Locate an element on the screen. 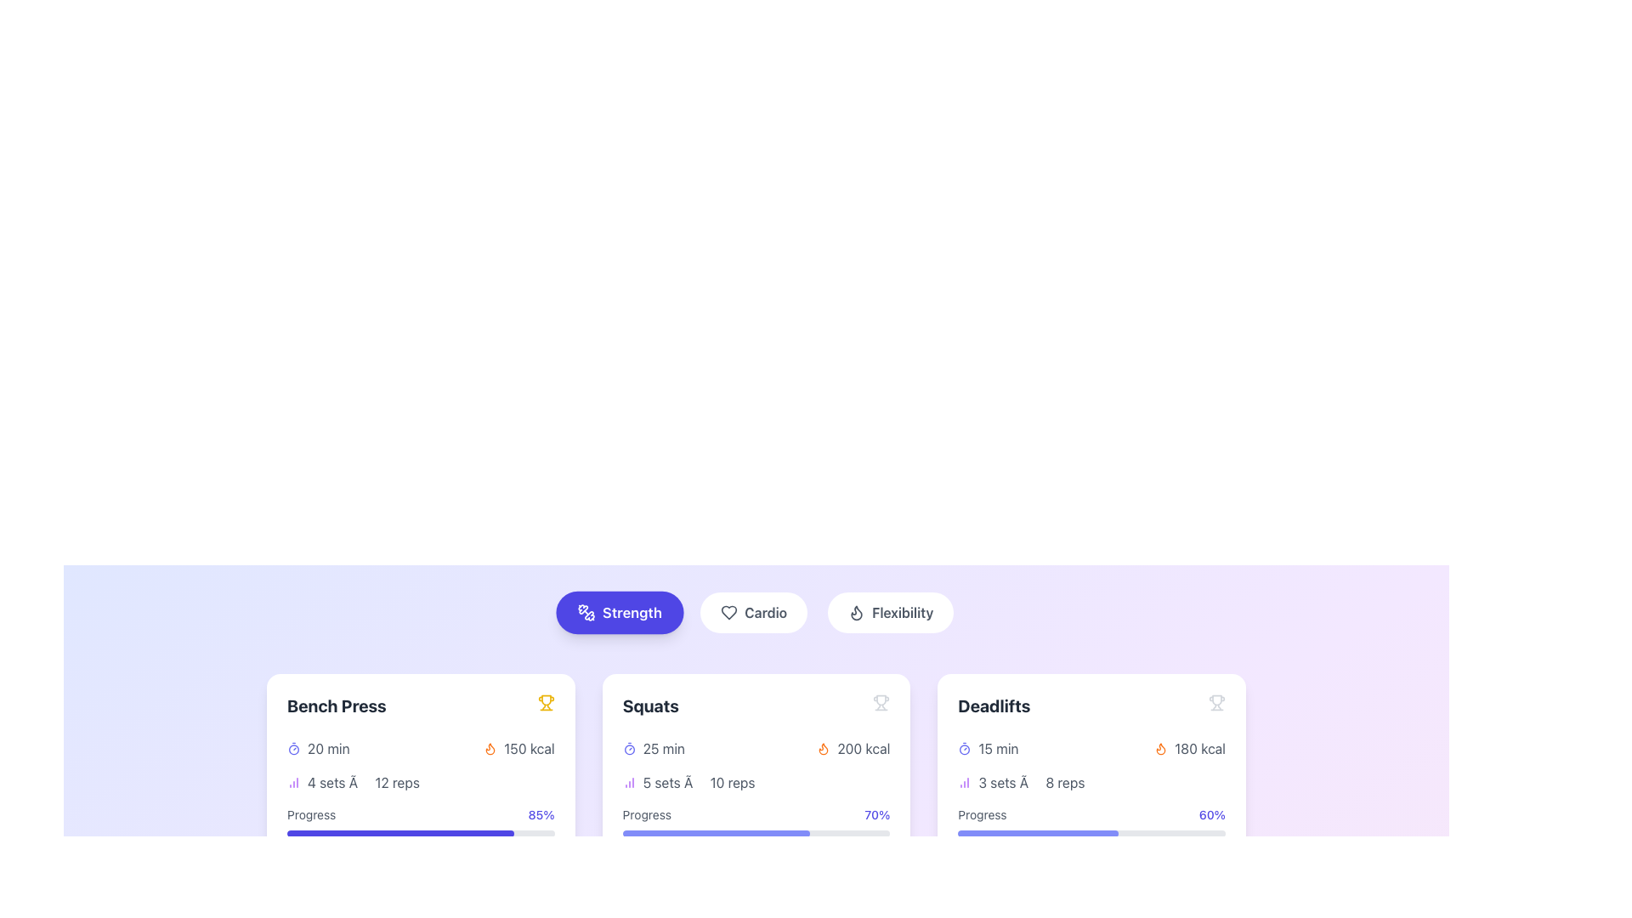 Image resolution: width=1632 pixels, height=918 pixels. the 'Progress' text label in the 'Squats' card, which is styled in small, gray font, located above the progress percentage and below the progress bar is located at coordinates (646, 814).